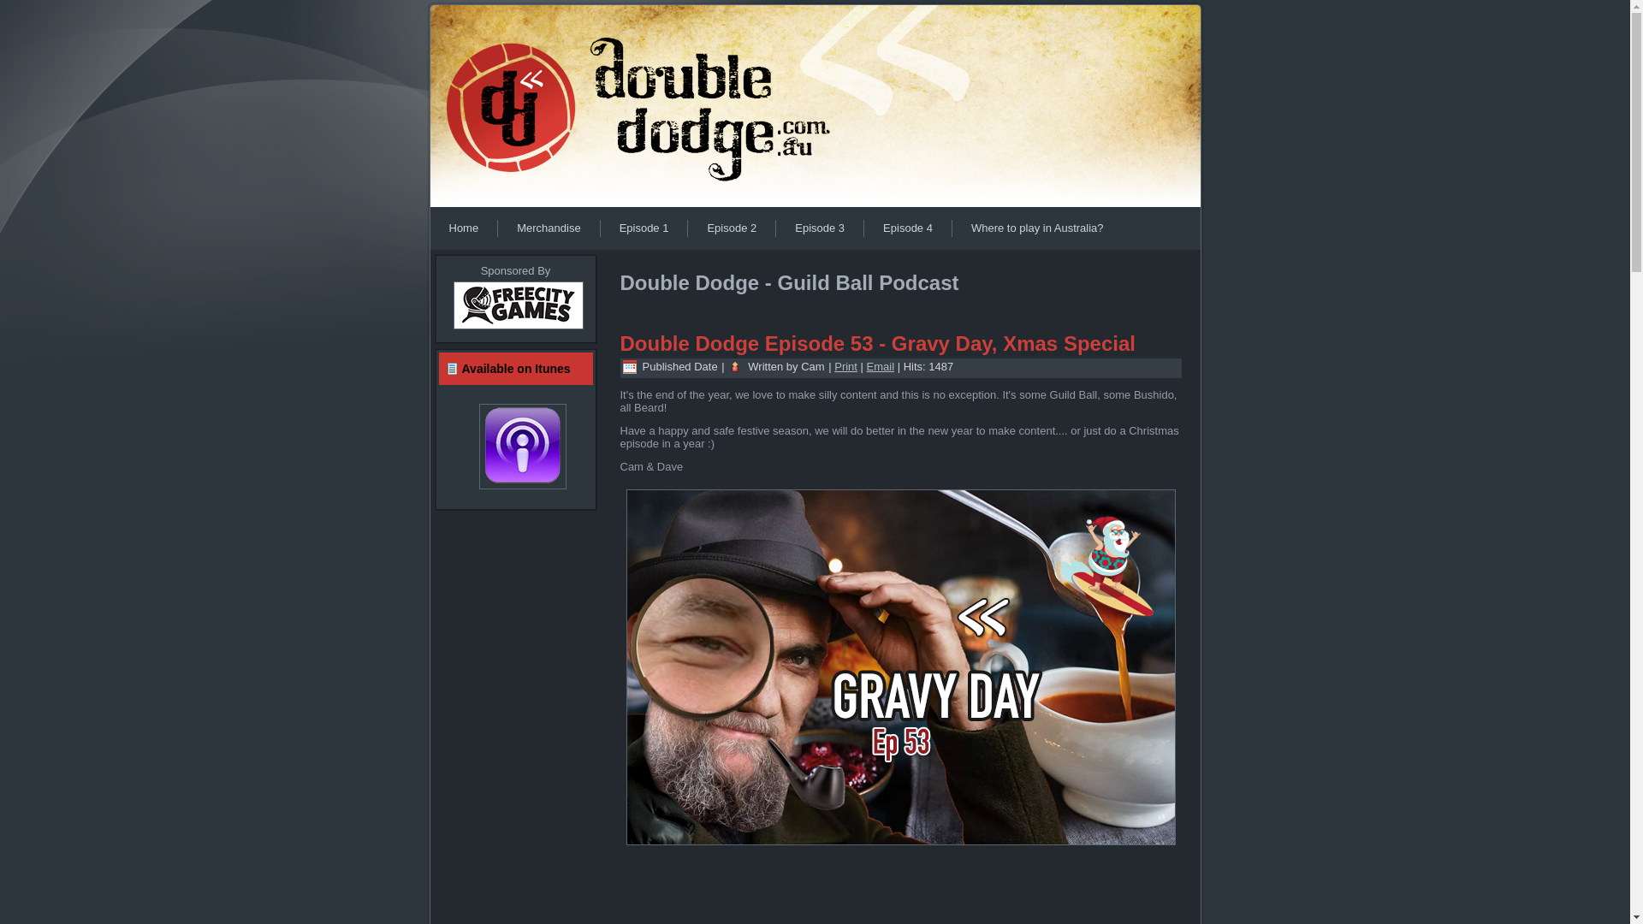 The width and height of the screenshot is (1643, 924). What do you see at coordinates (430, 227) in the screenshot?
I see `'Home'` at bounding box center [430, 227].